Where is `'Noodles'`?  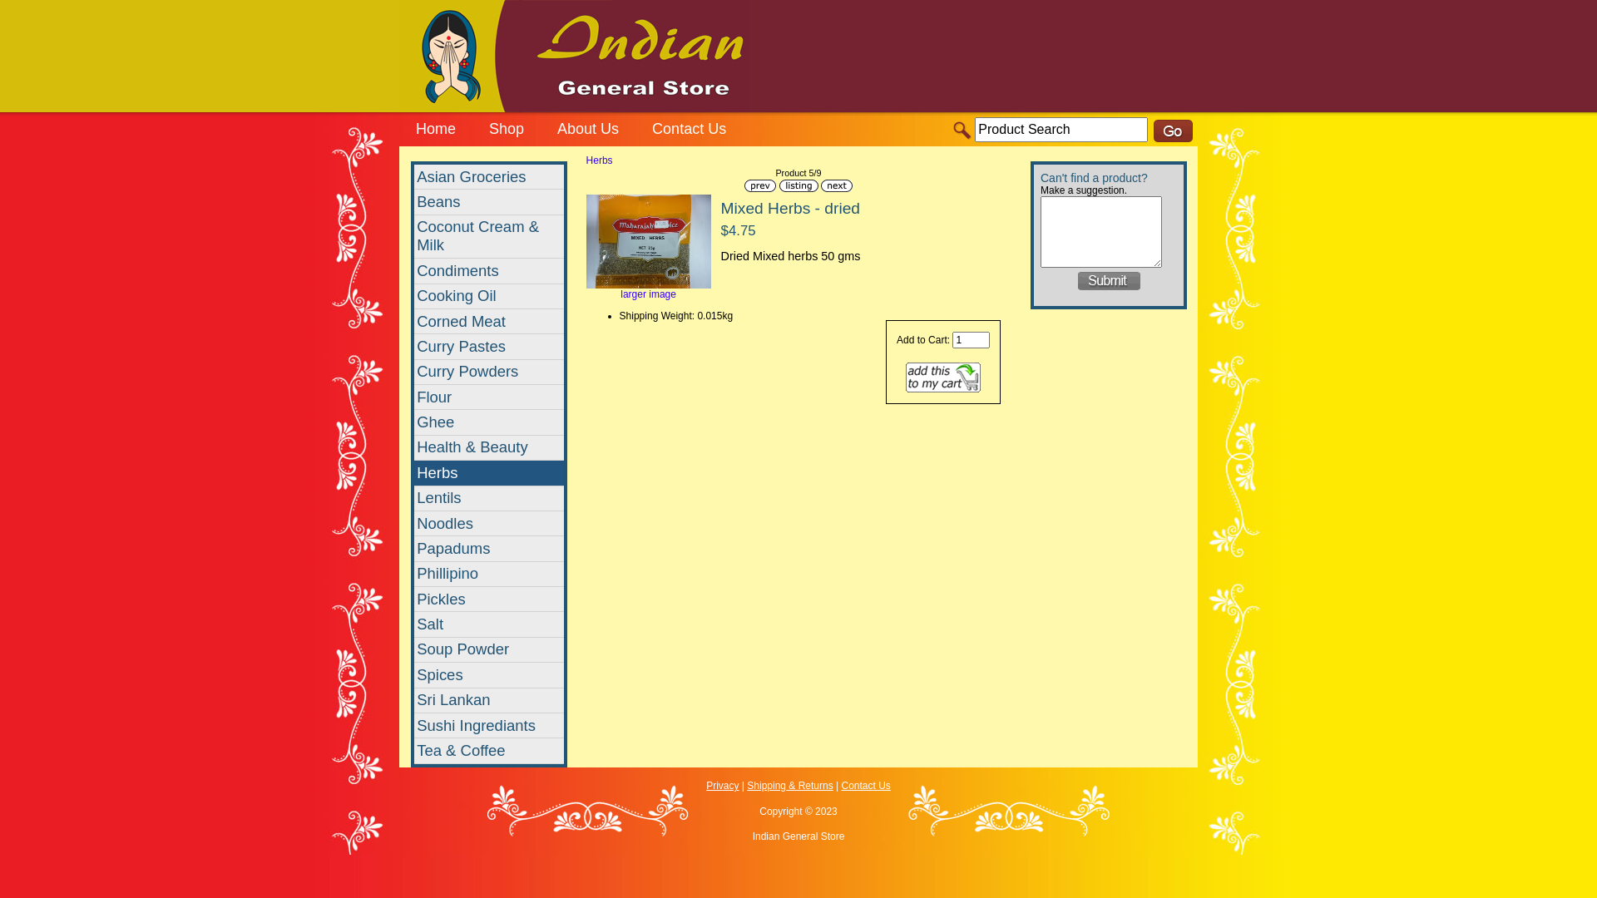
'Noodles' is located at coordinates (488, 522).